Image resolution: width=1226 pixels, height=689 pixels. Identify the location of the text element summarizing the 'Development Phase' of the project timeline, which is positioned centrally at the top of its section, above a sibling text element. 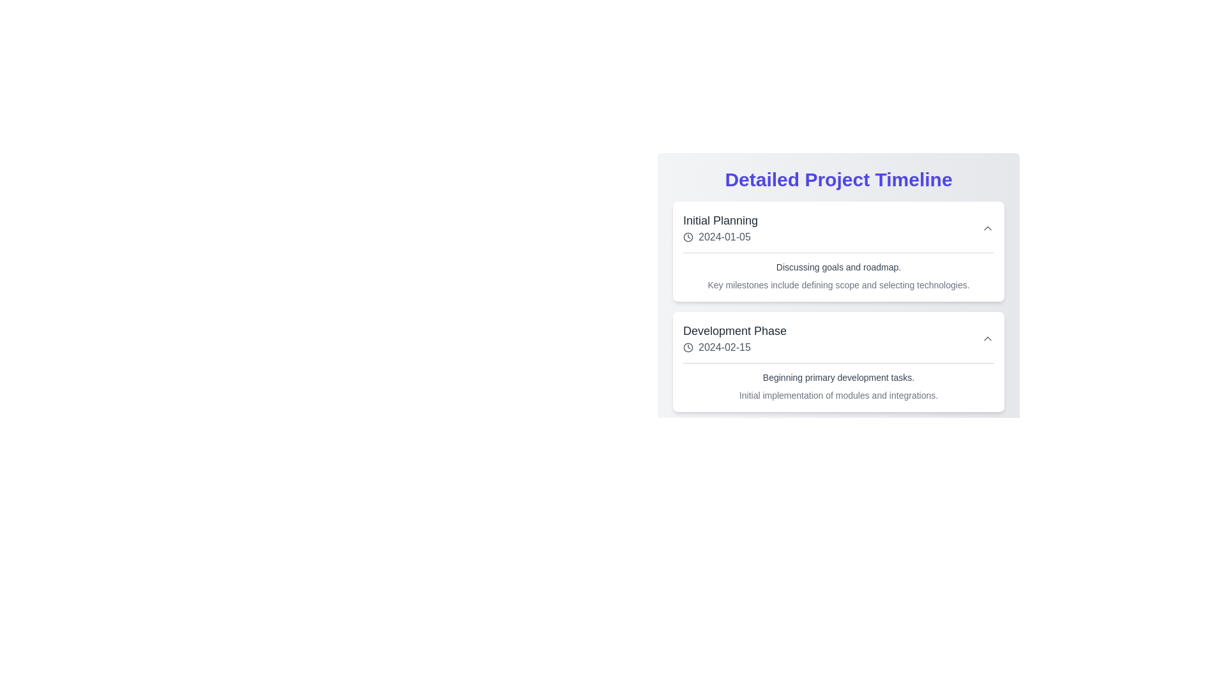
(838, 376).